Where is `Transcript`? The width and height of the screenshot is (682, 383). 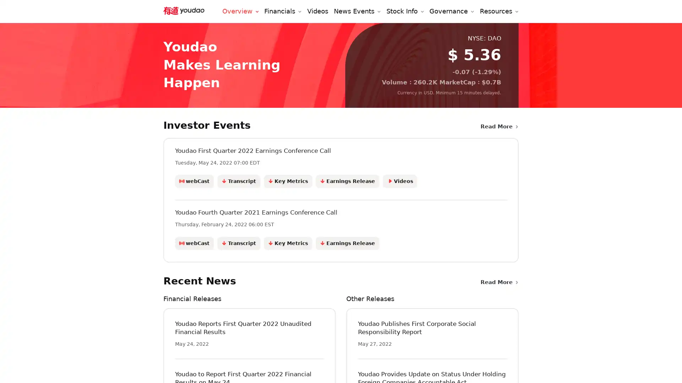 Transcript is located at coordinates (238, 181).